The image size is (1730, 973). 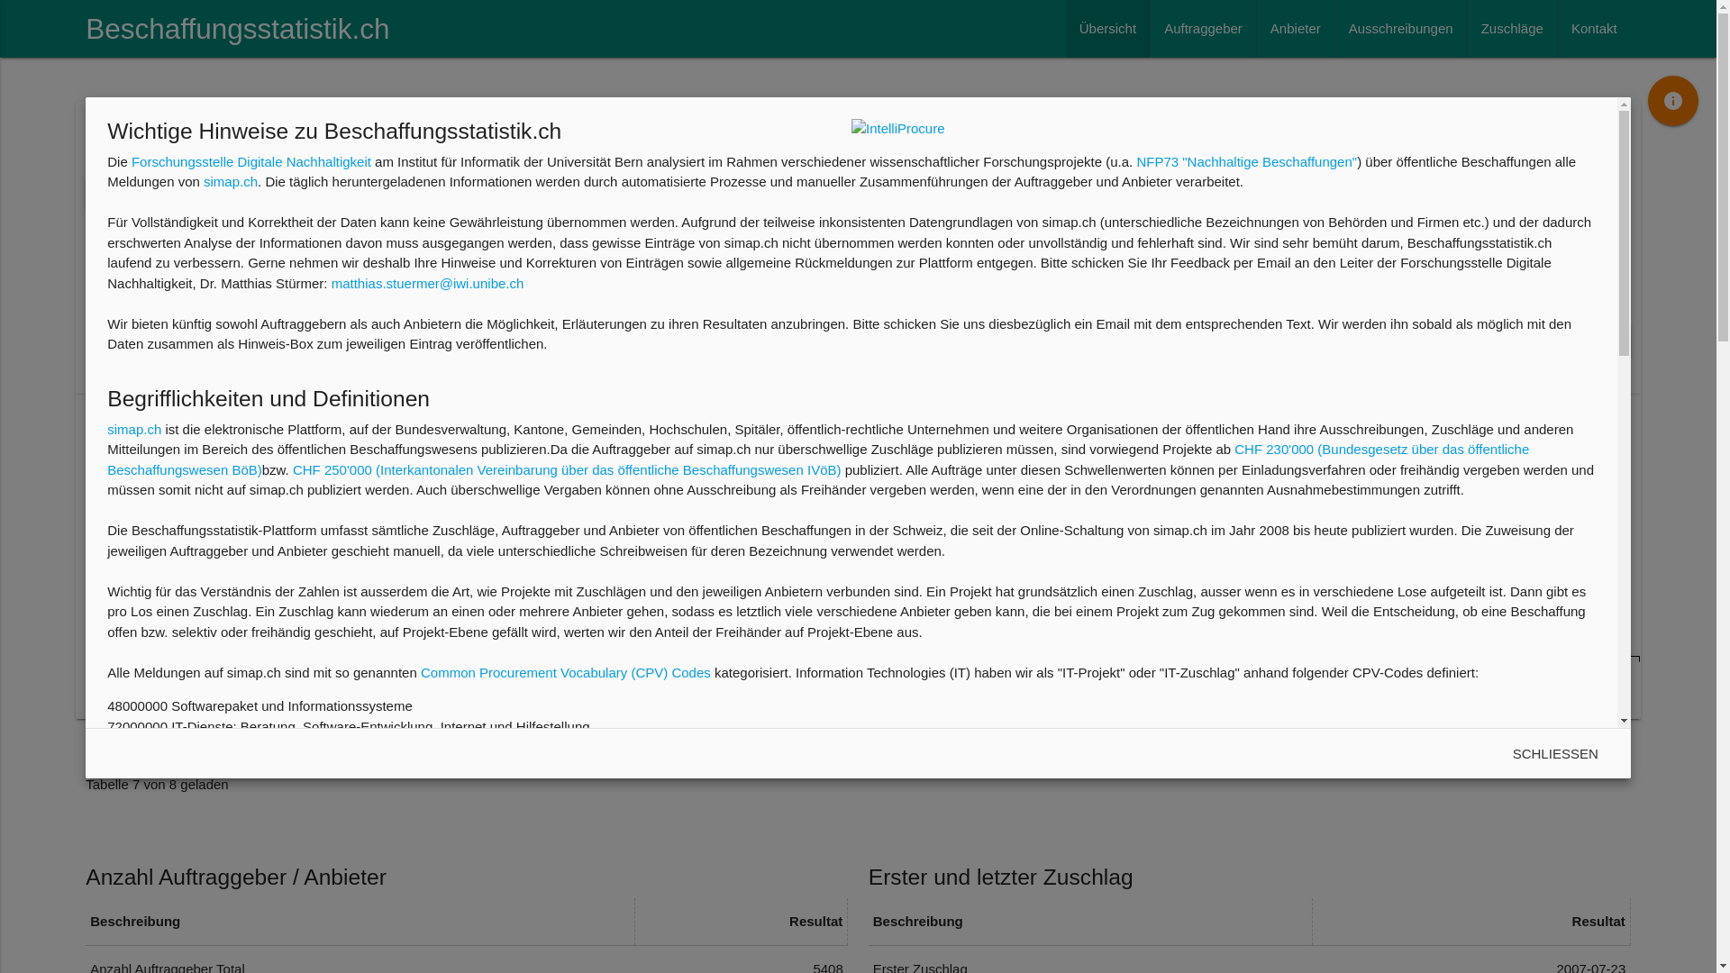 What do you see at coordinates (565, 672) in the screenshot?
I see `'Common Procurement Vocabulary (CPV) Codes'` at bounding box center [565, 672].